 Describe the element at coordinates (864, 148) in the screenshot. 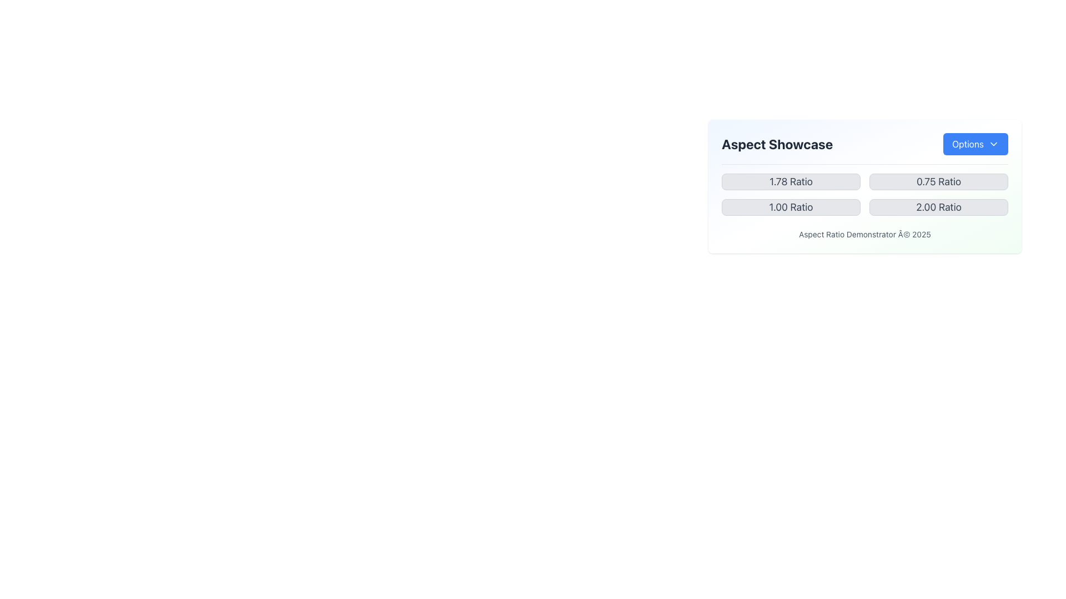

I see `the 'Options' button located on the right side of the 'Aspect Showcase' title to trigger the hover state` at that location.